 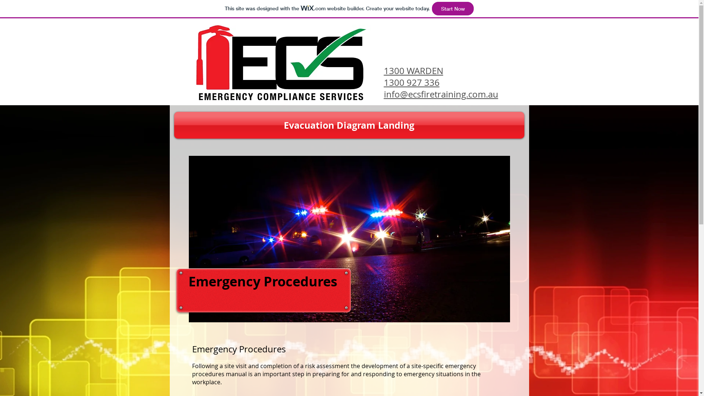 What do you see at coordinates (413, 70) in the screenshot?
I see `'1300 WARDEN'` at bounding box center [413, 70].